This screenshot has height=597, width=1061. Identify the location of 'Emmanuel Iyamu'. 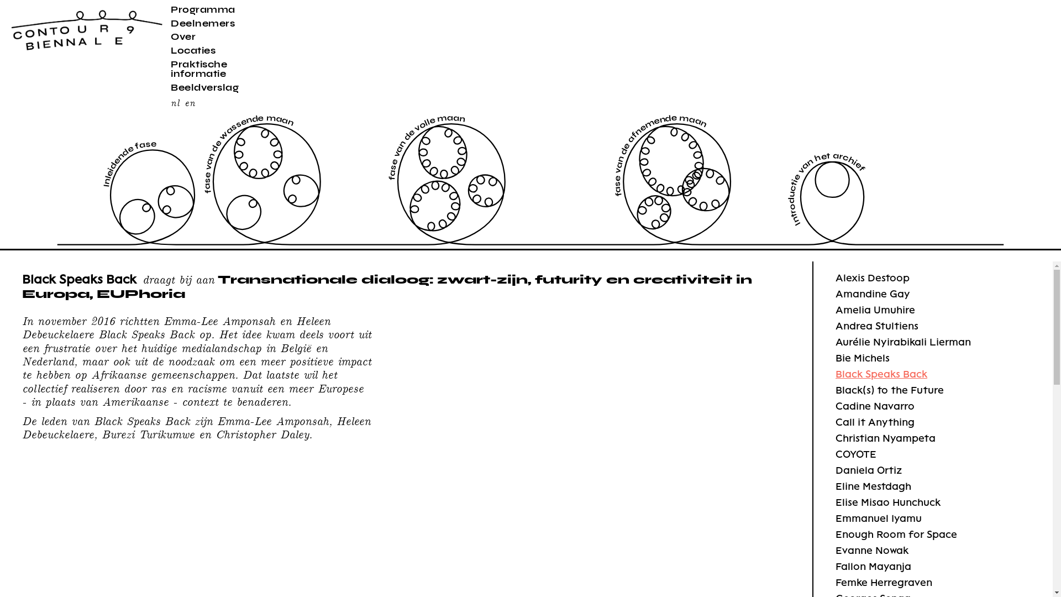
(836, 518).